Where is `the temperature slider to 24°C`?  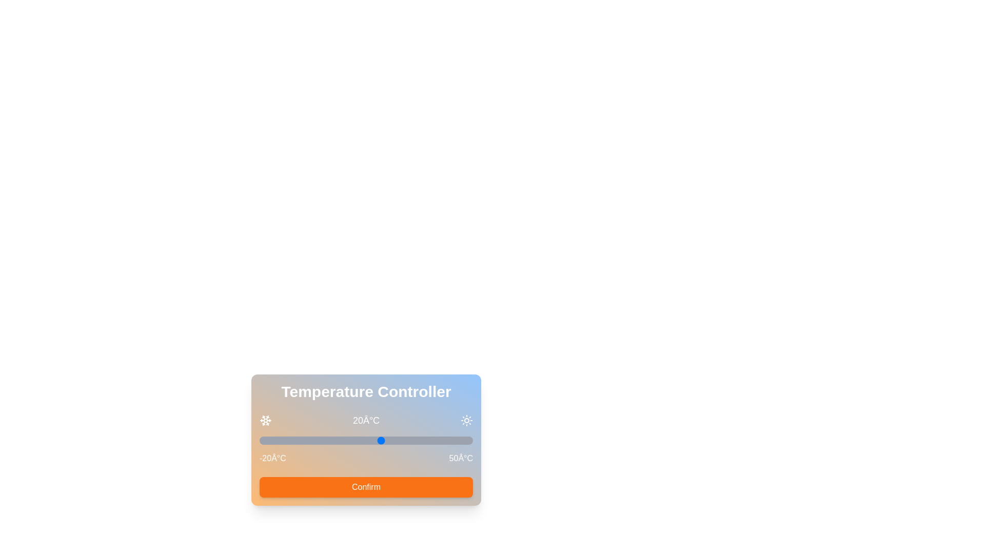 the temperature slider to 24°C is located at coordinates (393, 440).